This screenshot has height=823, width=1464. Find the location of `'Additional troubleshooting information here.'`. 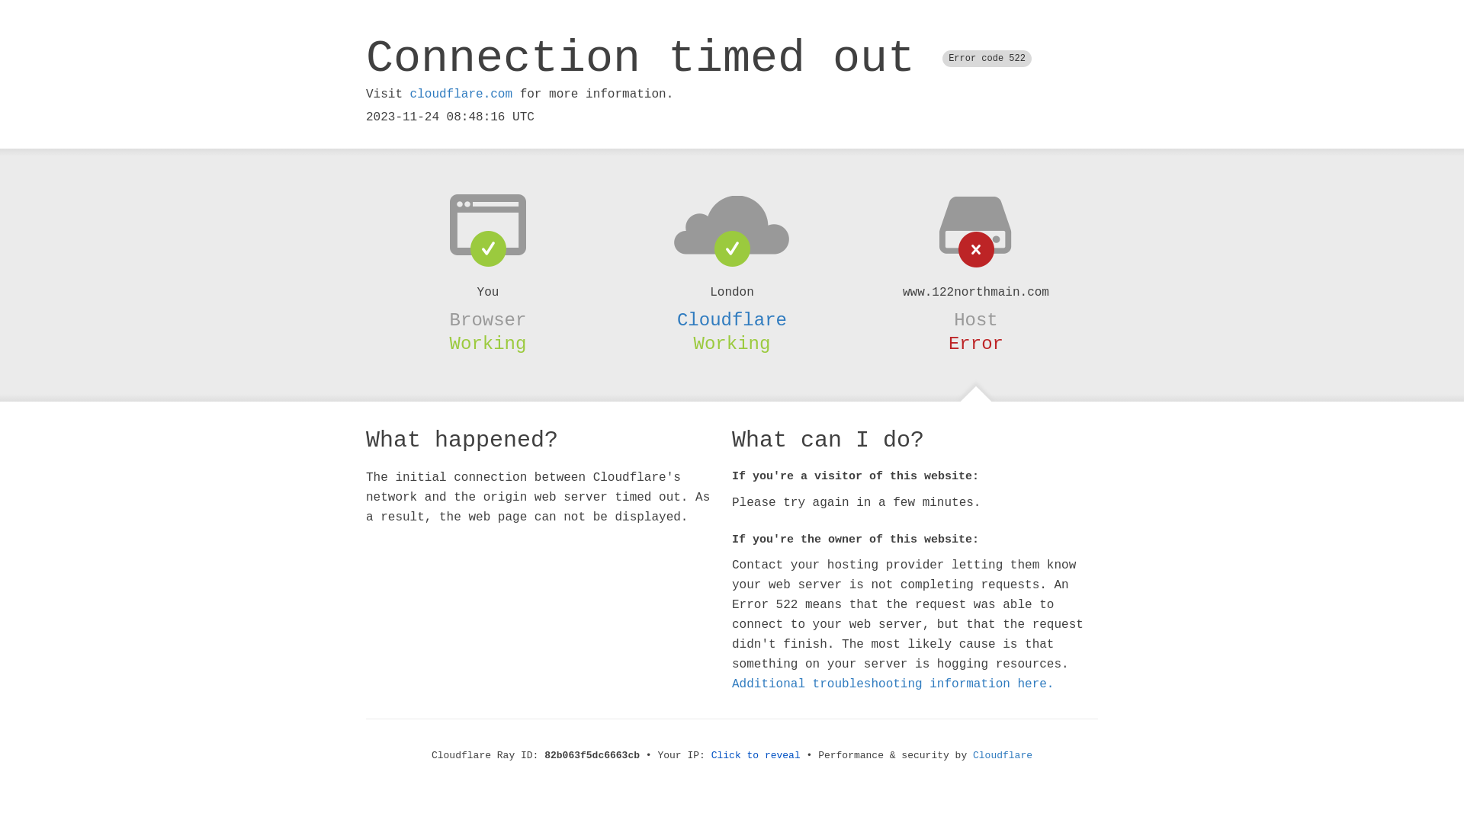

'Additional troubleshooting information here.' is located at coordinates (893, 684).